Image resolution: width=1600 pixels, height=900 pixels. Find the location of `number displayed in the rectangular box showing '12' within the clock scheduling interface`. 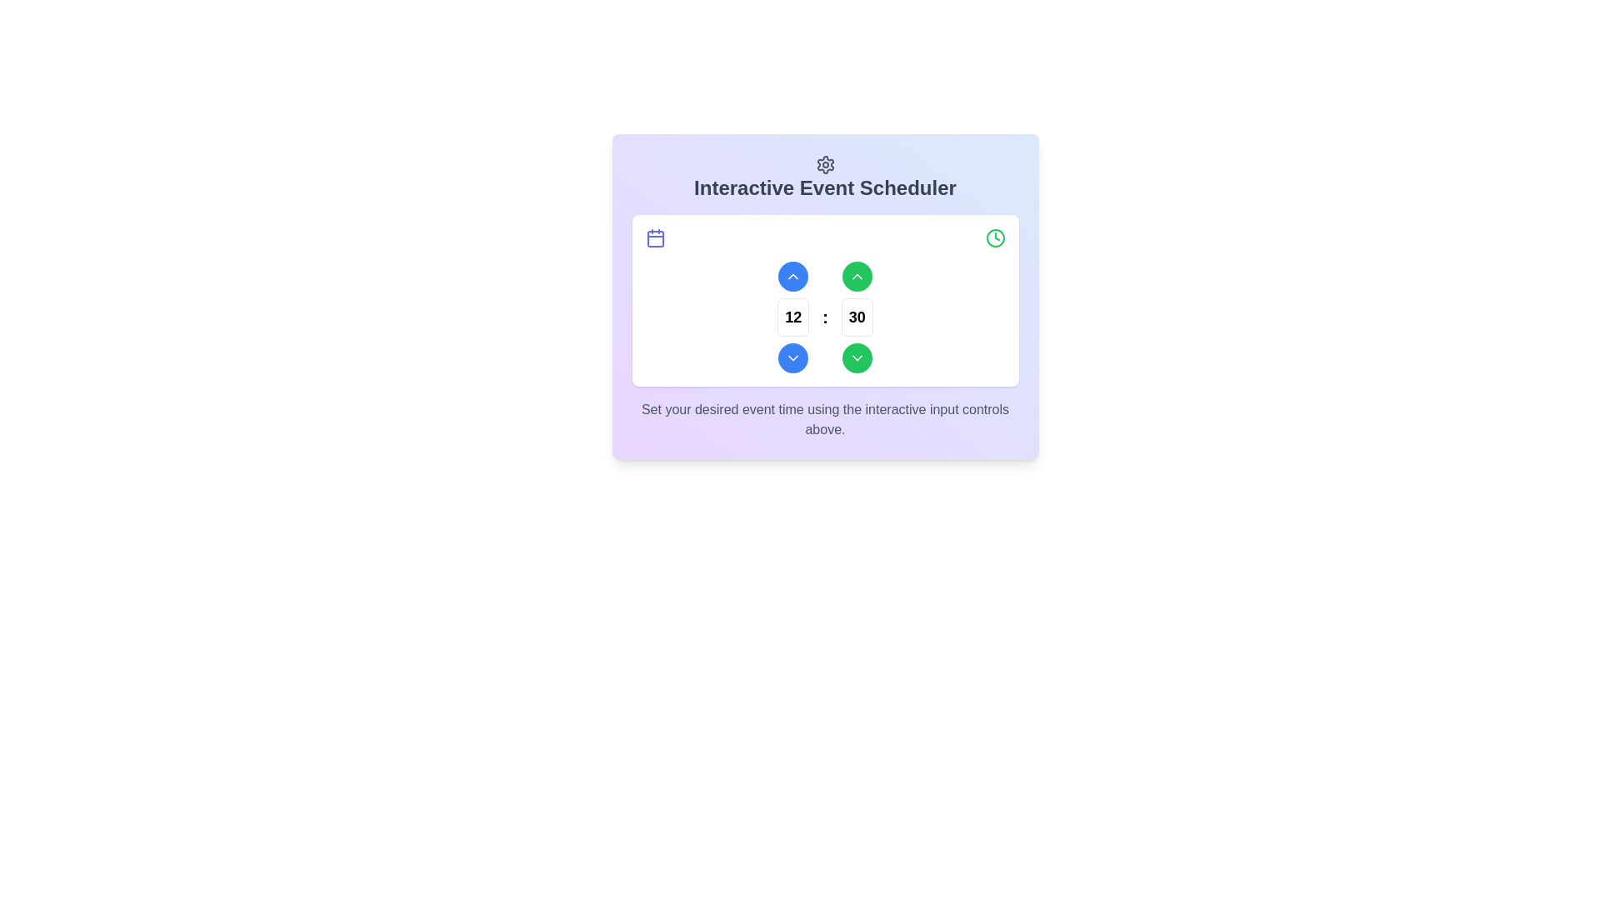

number displayed in the rectangular box showing '12' within the clock scheduling interface is located at coordinates (792, 317).